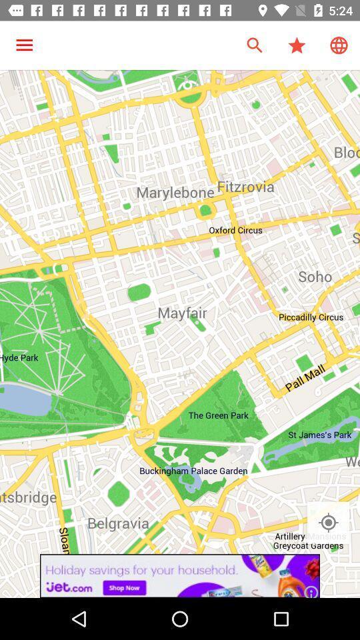 This screenshot has height=640, width=360. I want to click on advertisement, so click(180, 575).